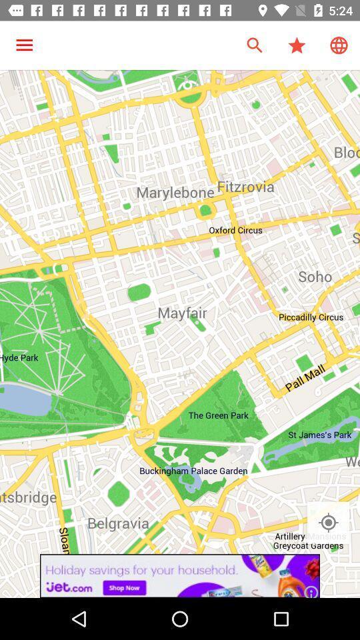 This screenshot has height=640, width=360. I want to click on advertisement, so click(180, 575).